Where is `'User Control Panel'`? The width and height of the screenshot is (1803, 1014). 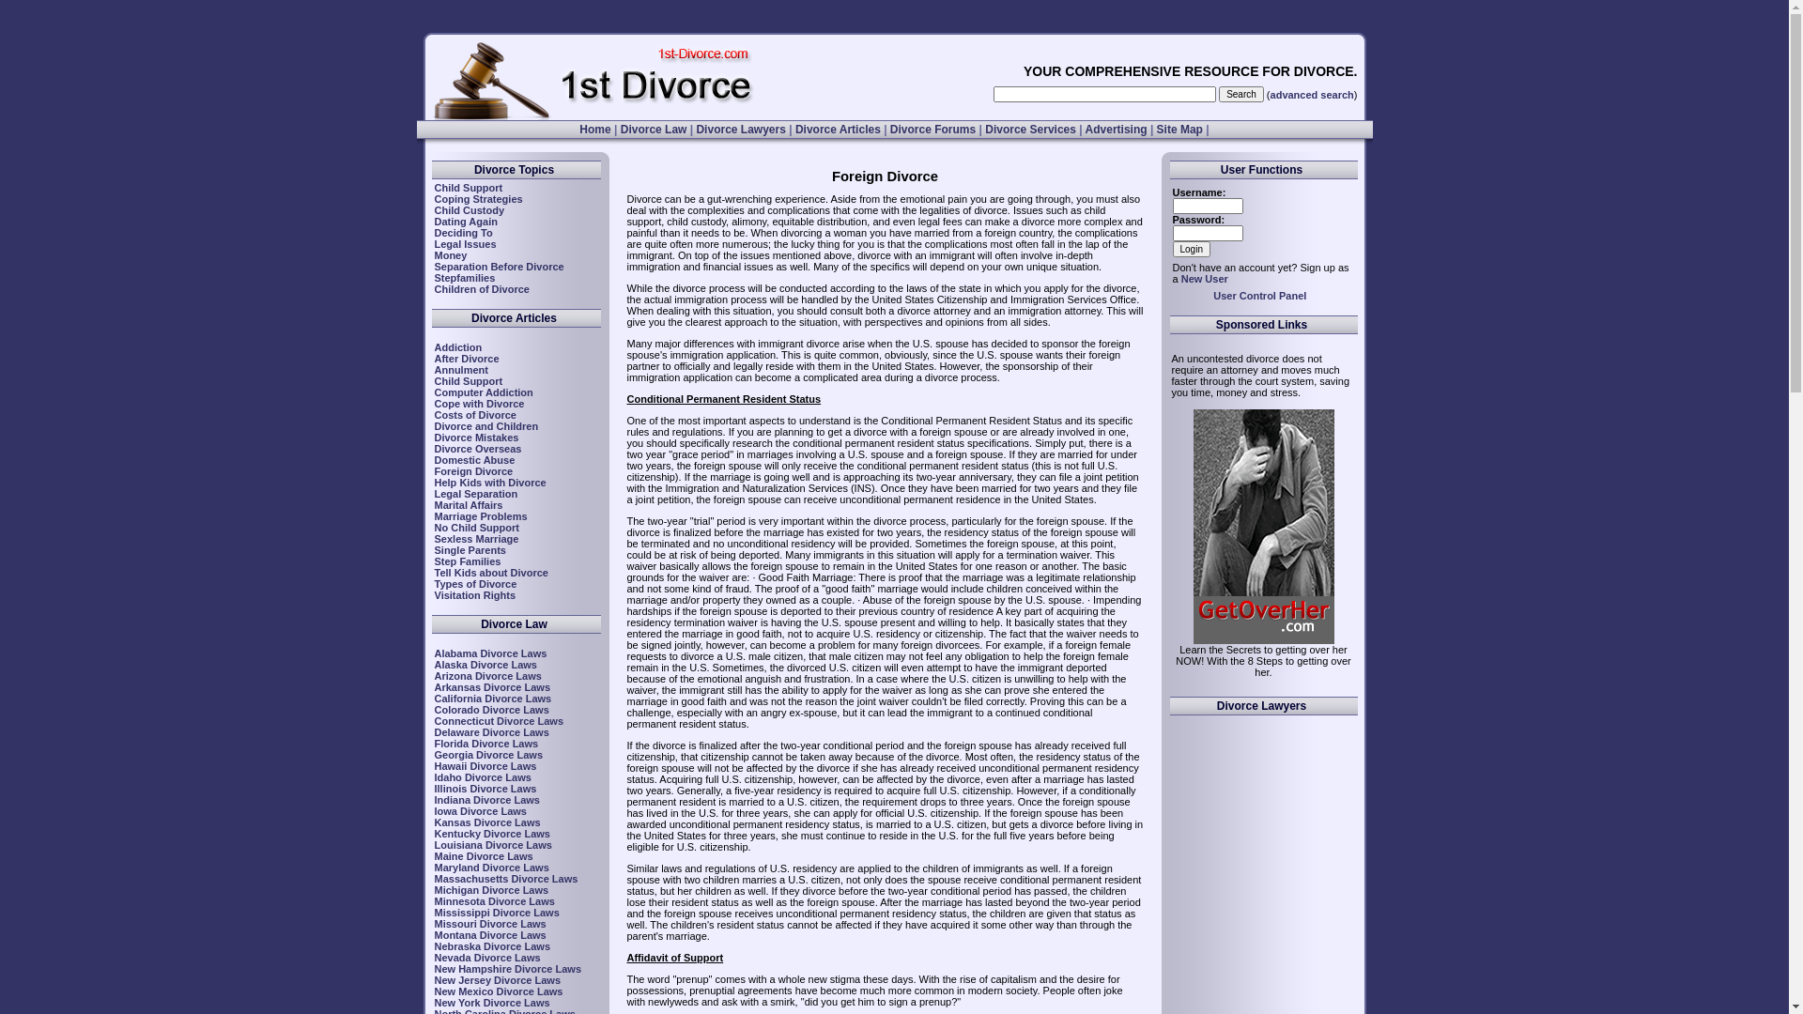
'User Control Panel' is located at coordinates (1259, 296).